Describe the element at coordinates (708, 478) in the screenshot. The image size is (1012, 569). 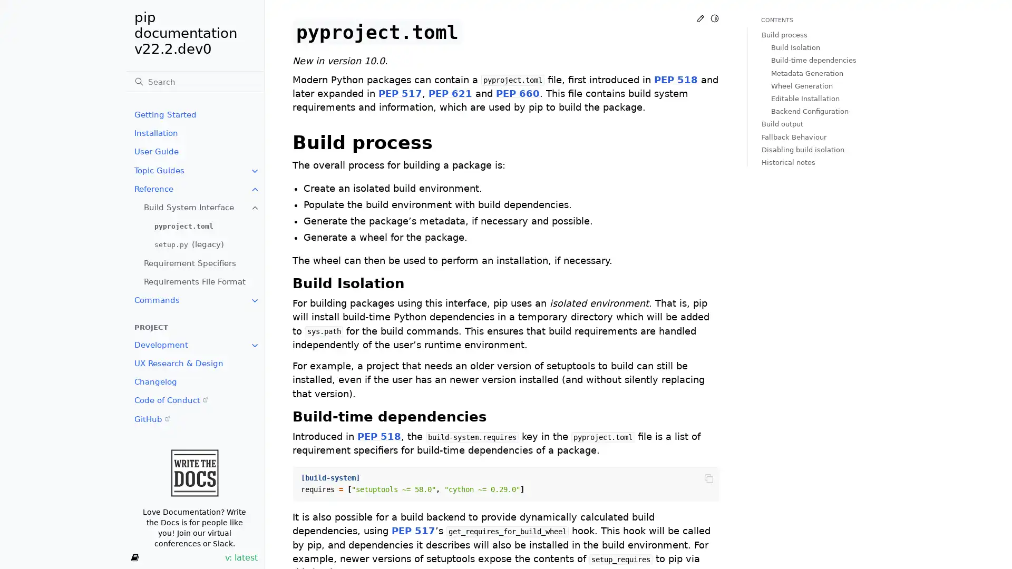
I see `Copy to clipboard` at that location.